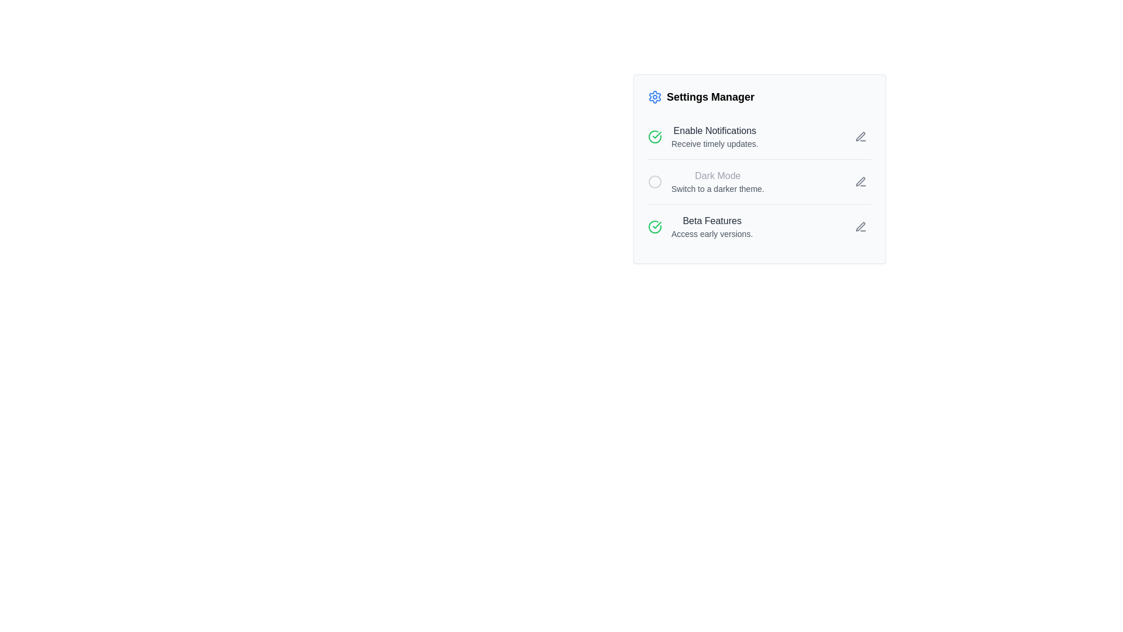 Image resolution: width=1123 pixels, height=632 pixels. What do you see at coordinates (860, 136) in the screenshot?
I see `the editing icon for the 'Enable Notifications' setting located at the far-right of the 'Settings Manager' section` at bounding box center [860, 136].